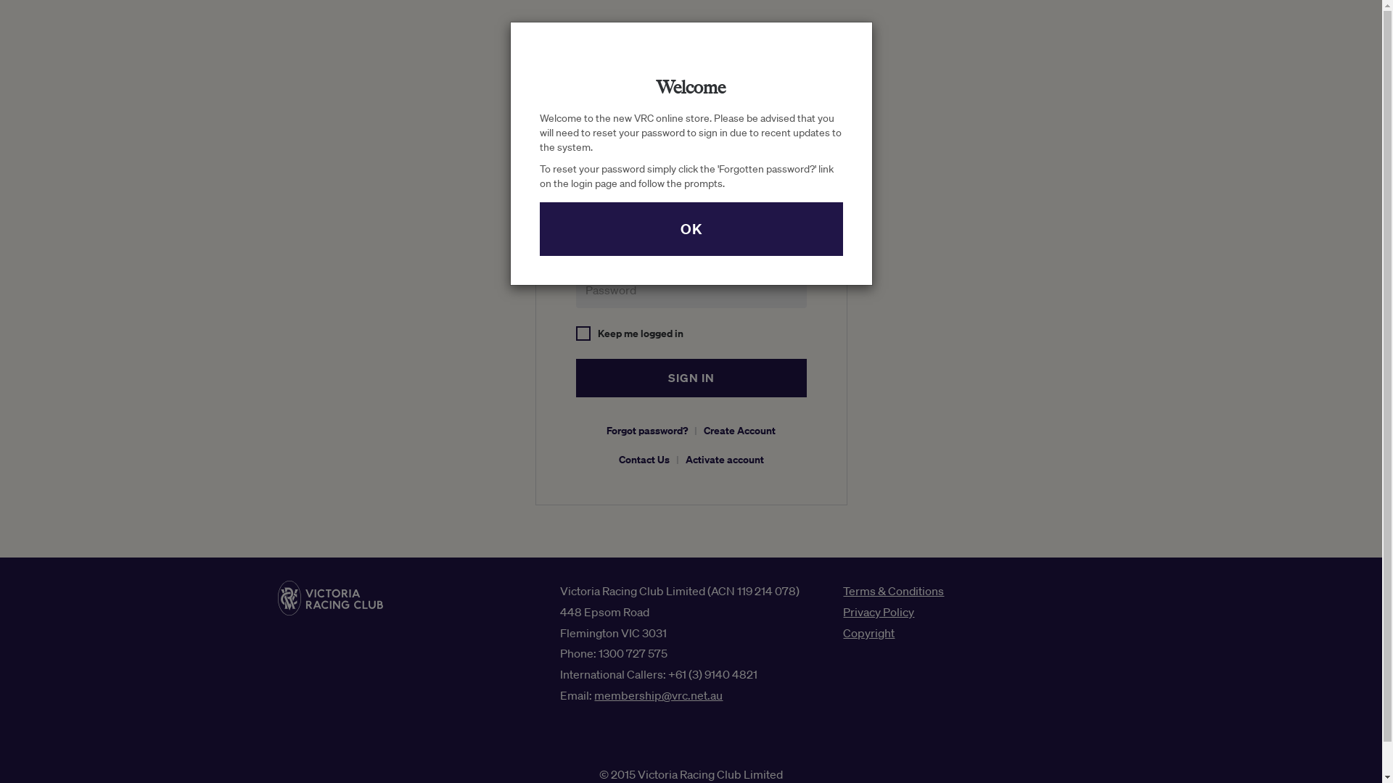  Describe the element at coordinates (691, 228) in the screenshot. I see `'OK'` at that location.